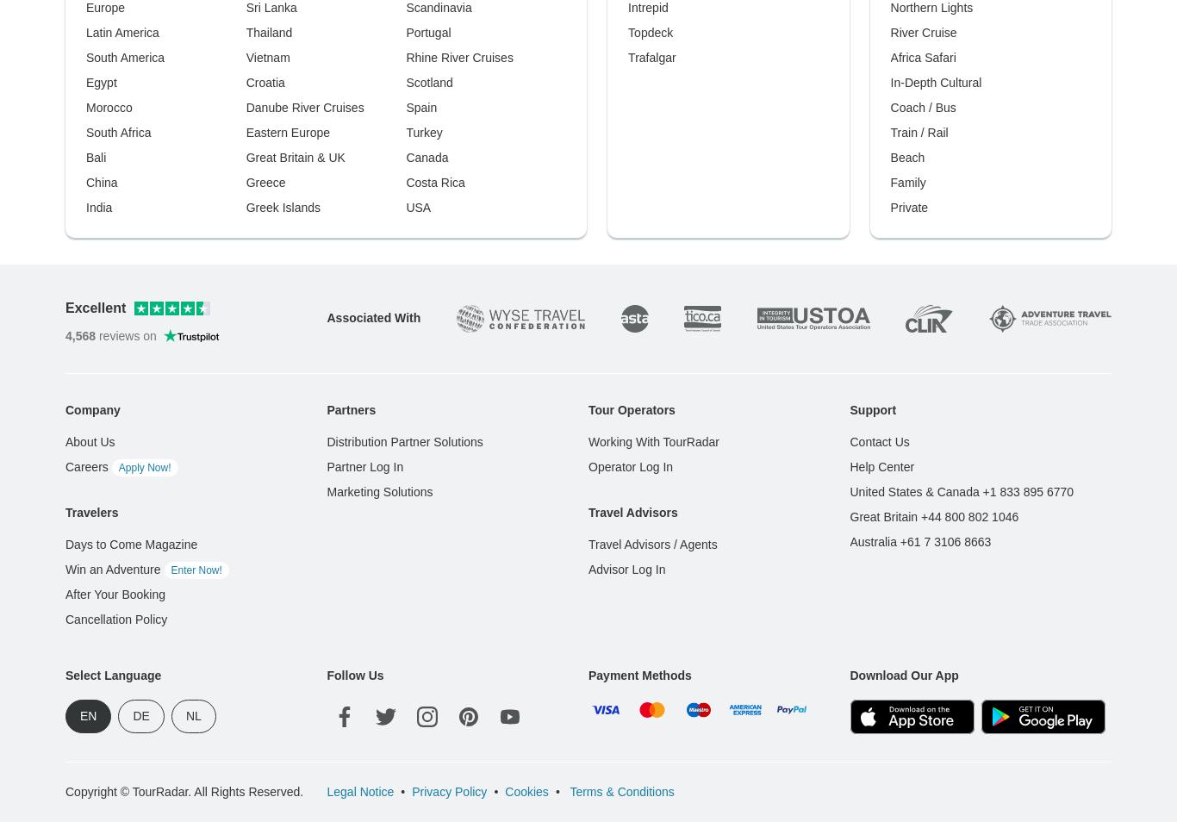 The width and height of the screenshot is (1177, 822). Describe the element at coordinates (588, 542) in the screenshot. I see `'Travel Advisors / Agents'` at that location.